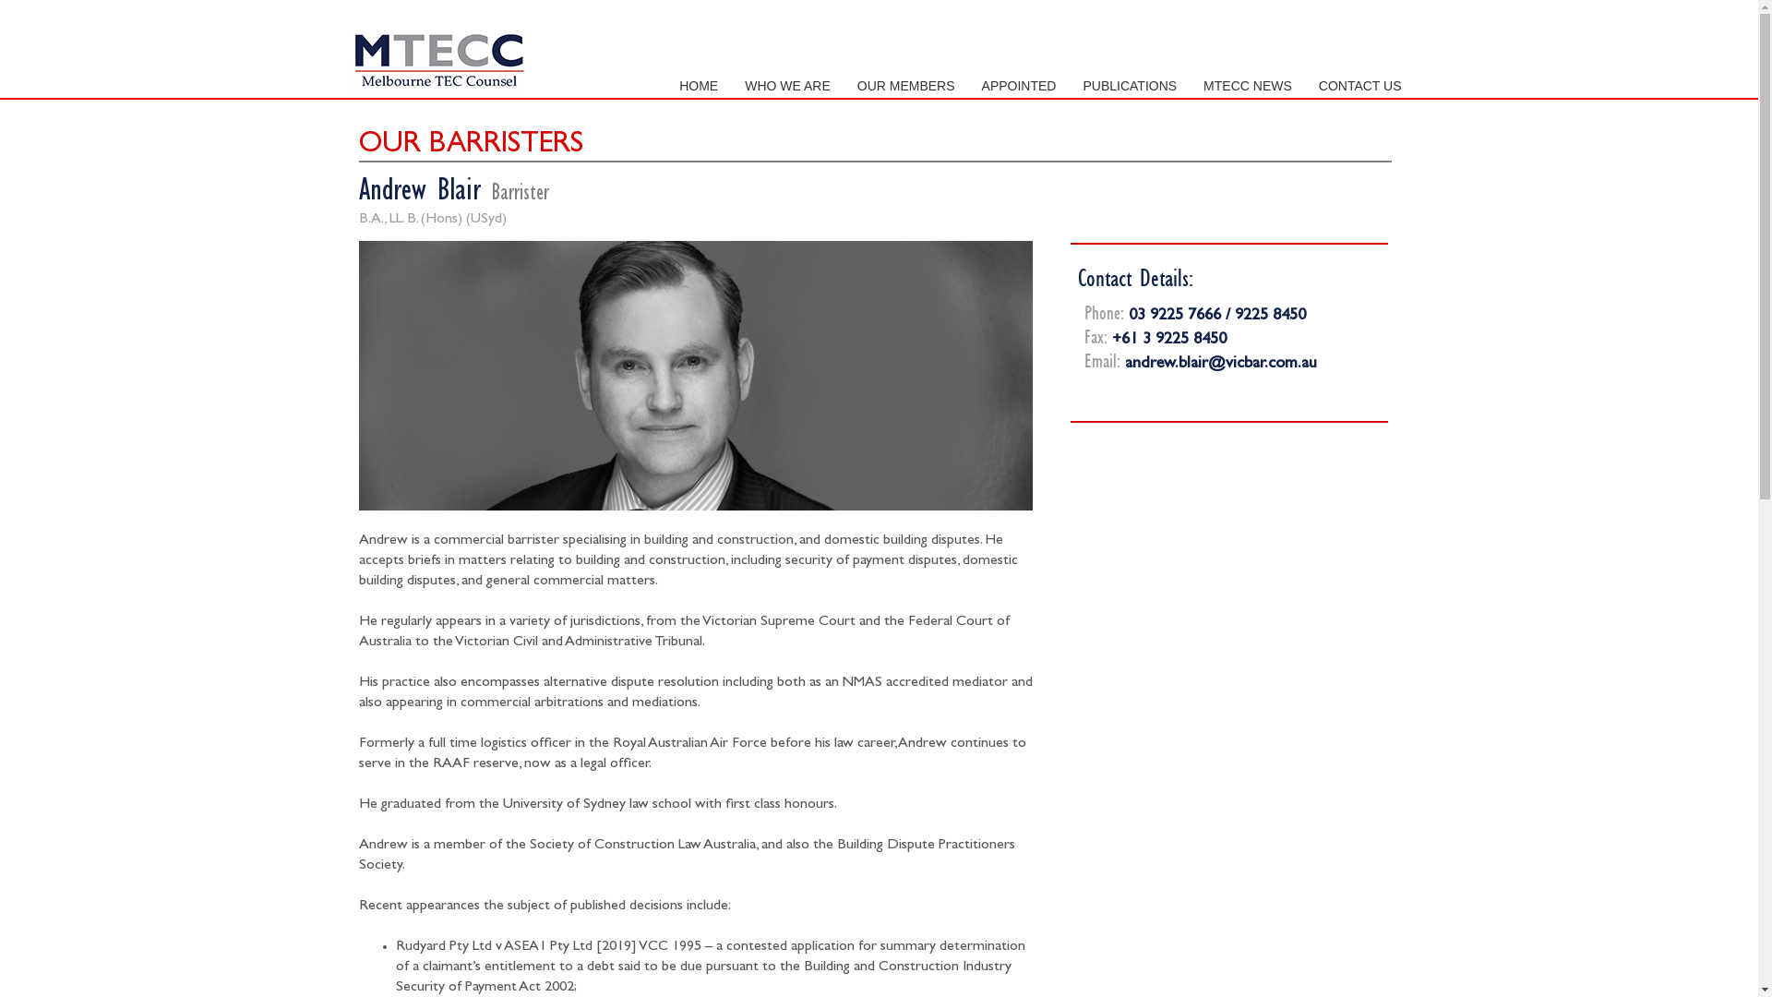 Image resolution: width=1772 pixels, height=997 pixels. What do you see at coordinates (1248, 85) in the screenshot?
I see `'MTECC NEWS'` at bounding box center [1248, 85].